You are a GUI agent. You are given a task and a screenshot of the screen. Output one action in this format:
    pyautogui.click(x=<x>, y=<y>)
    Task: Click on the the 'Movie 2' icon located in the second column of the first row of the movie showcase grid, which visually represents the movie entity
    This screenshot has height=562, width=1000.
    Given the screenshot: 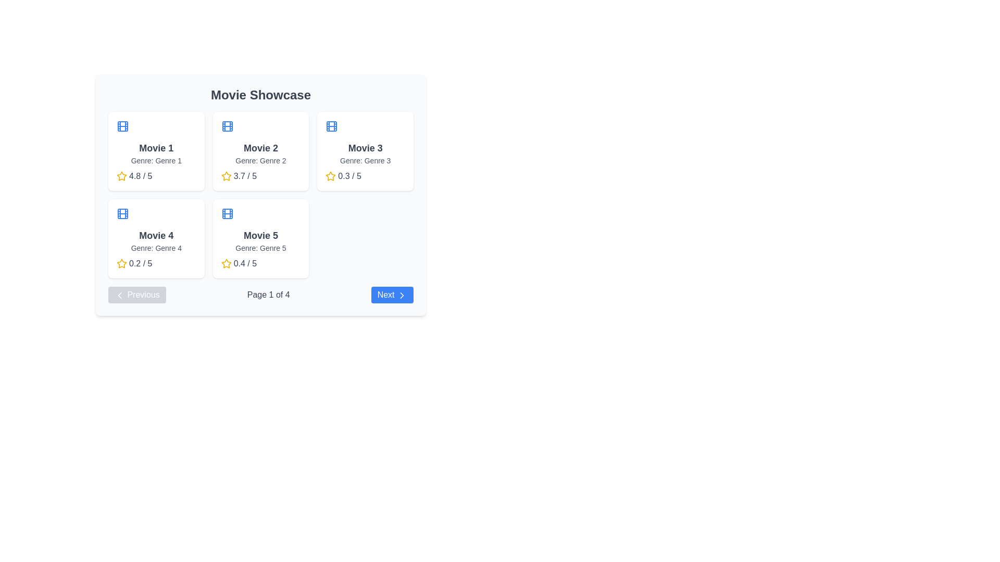 What is the action you would take?
    pyautogui.click(x=227, y=126)
    